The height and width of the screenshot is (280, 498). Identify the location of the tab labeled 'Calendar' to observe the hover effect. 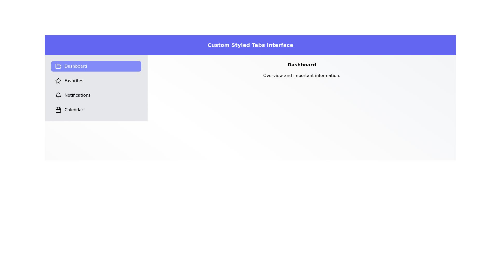
(96, 110).